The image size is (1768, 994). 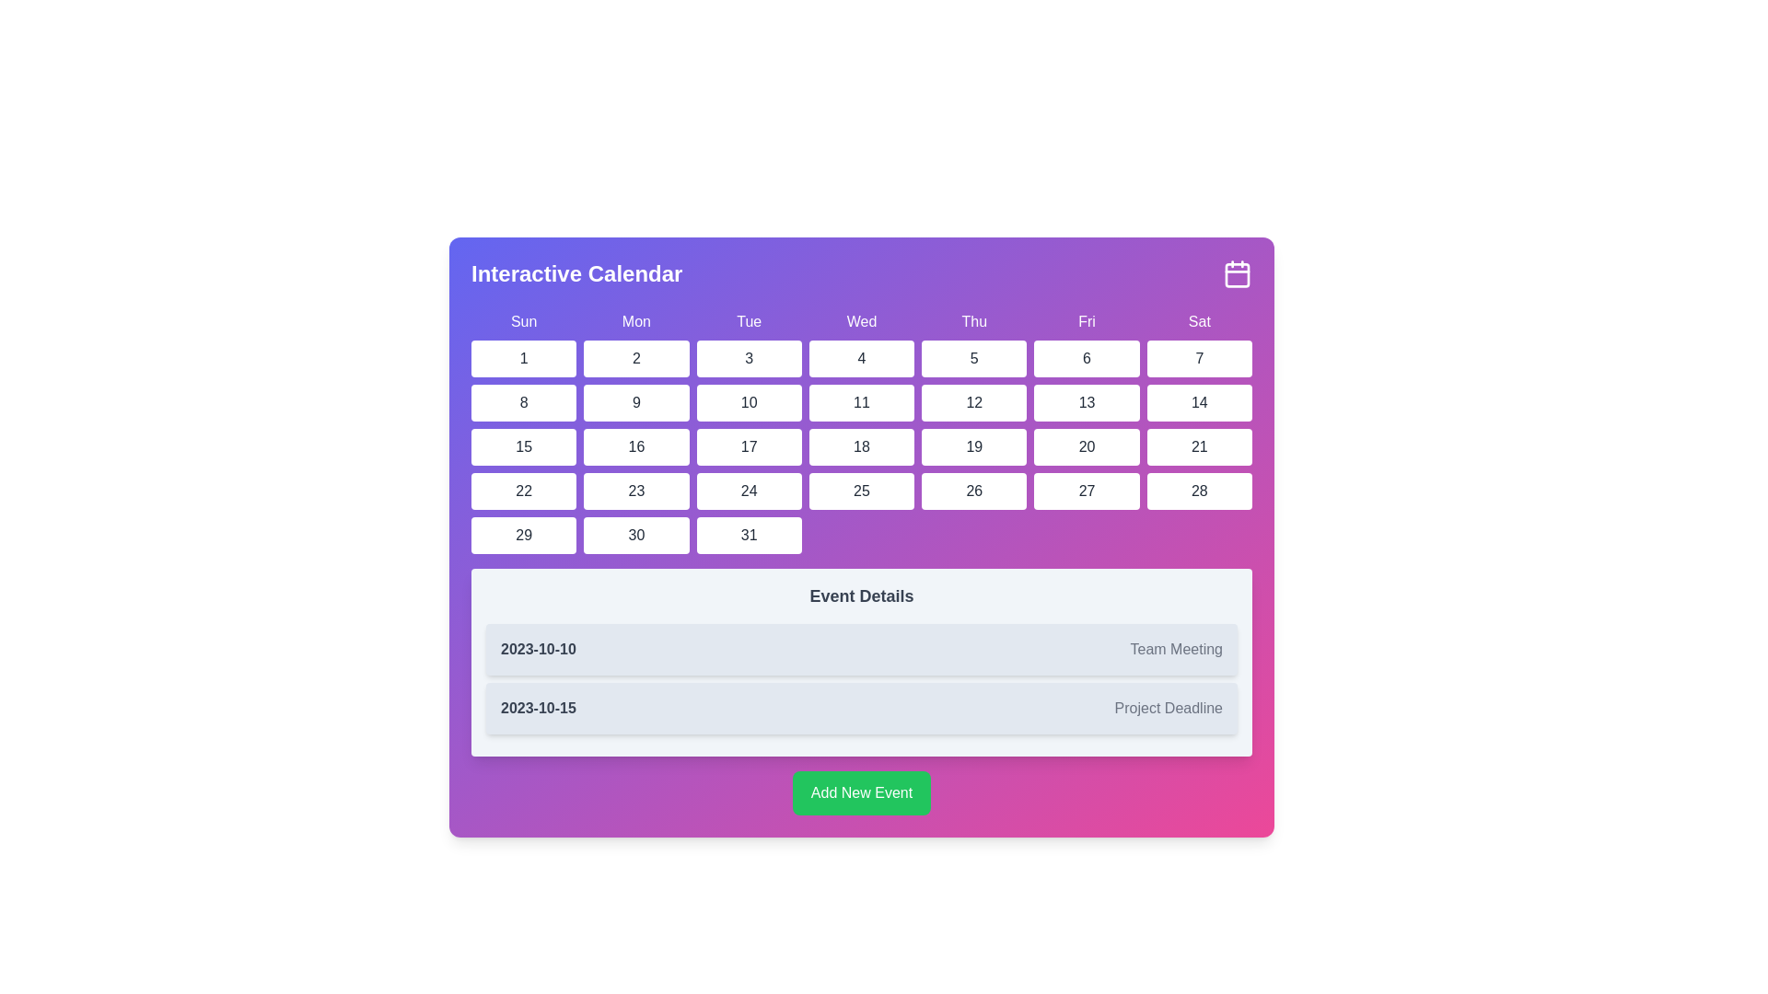 What do you see at coordinates (749, 447) in the screenshot?
I see `the calendar date button representing Tuesday, the 17th` at bounding box center [749, 447].